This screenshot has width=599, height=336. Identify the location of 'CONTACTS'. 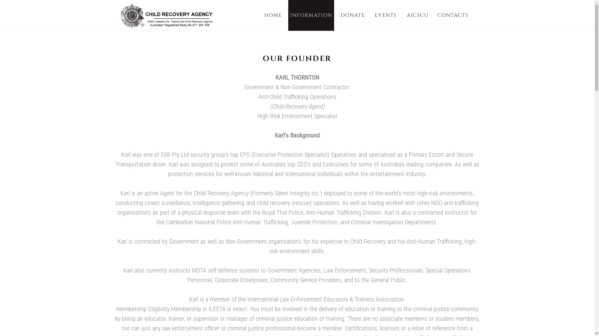
(453, 15).